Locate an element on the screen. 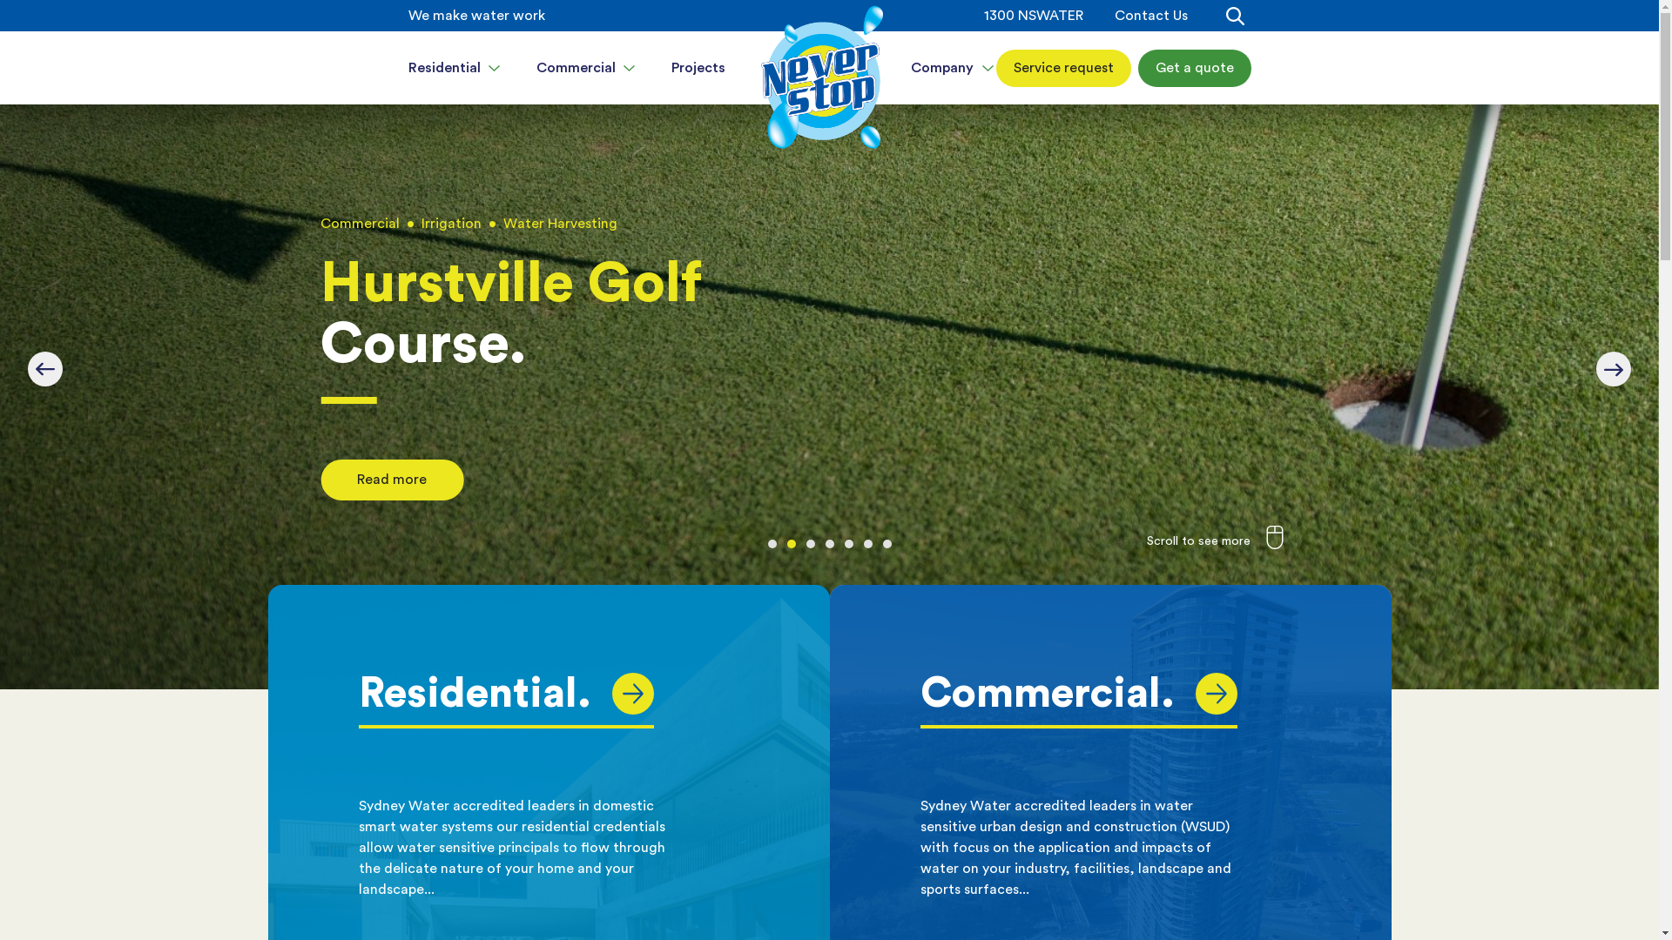 The width and height of the screenshot is (1672, 940). 'Previous slide' is located at coordinates (45, 368).